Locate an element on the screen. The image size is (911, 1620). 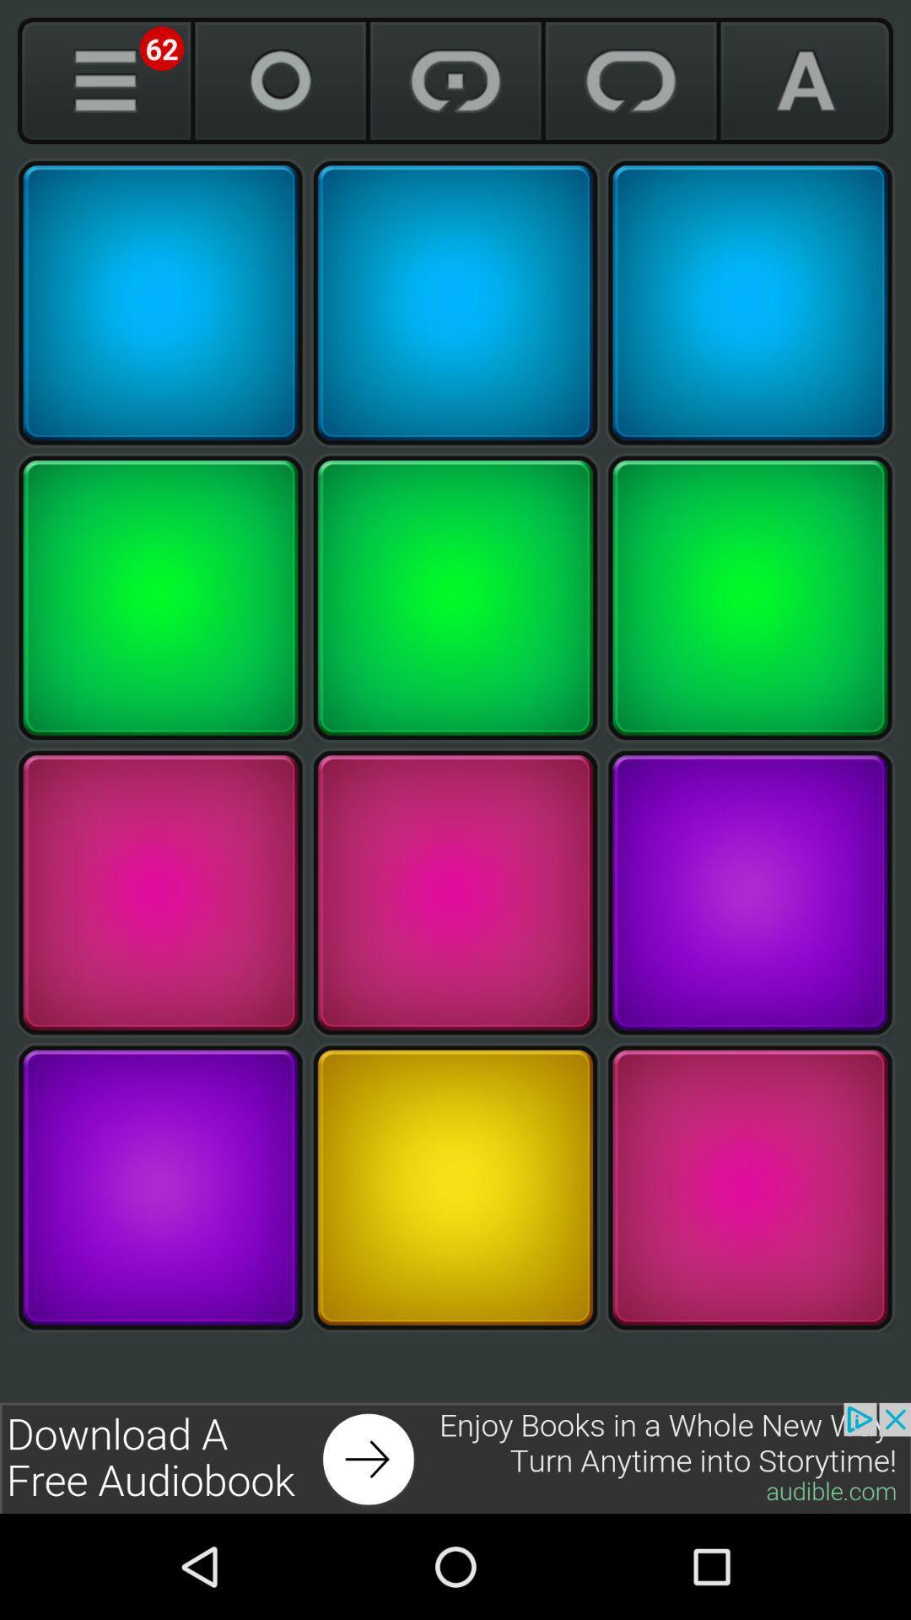
click the grid is located at coordinates (455, 1186).